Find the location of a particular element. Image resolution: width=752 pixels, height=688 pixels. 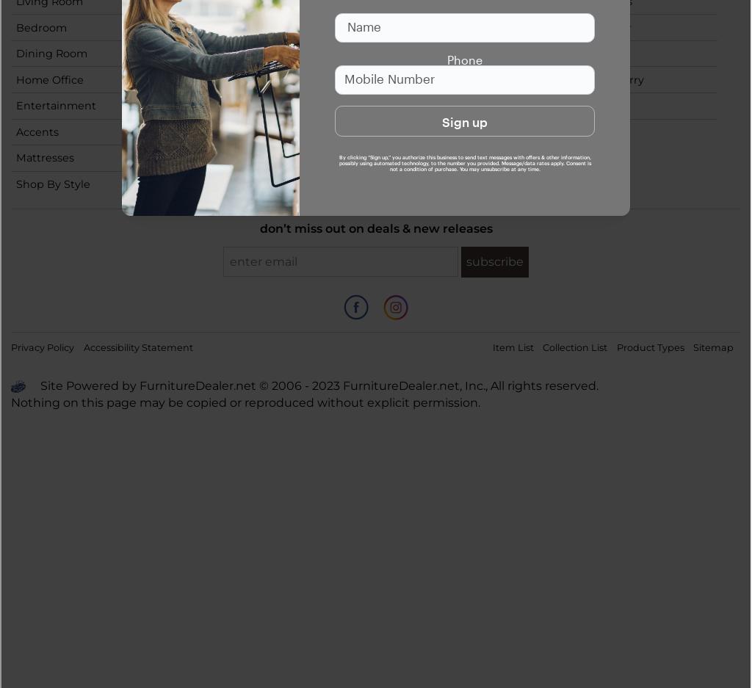

'Item List' is located at coordinates (512, 347).